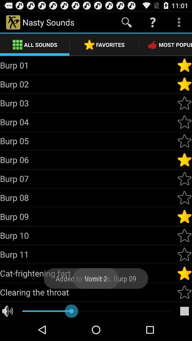 This screenshot has width=192, height=341. I want to click on the sound to your favourites, so click(184, 103).